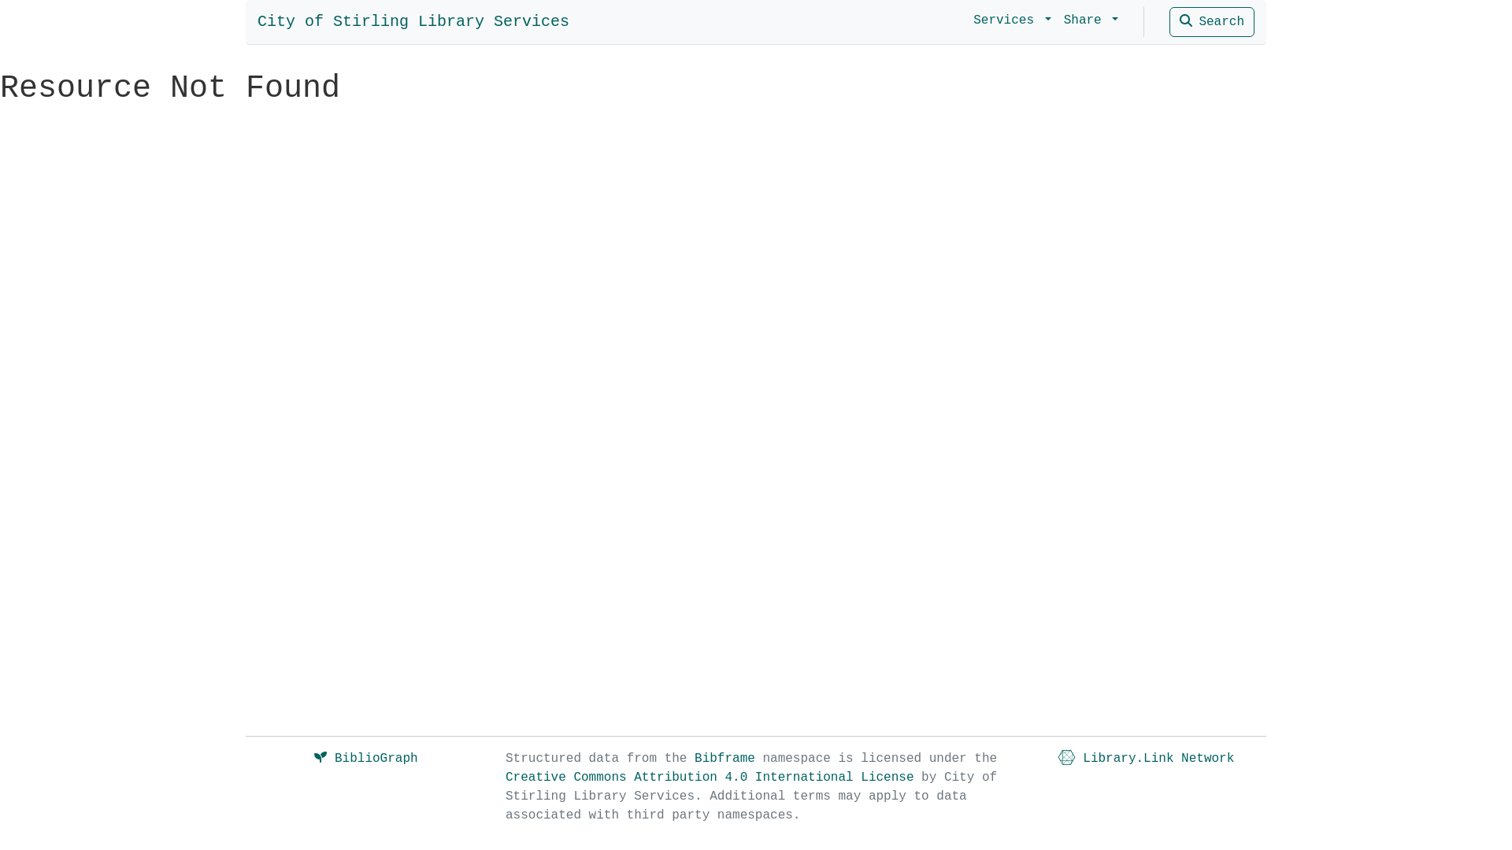  Describe the element at coordinates (1058, 758) in the screenshot. I see `'Library.Link Network'` at that location.